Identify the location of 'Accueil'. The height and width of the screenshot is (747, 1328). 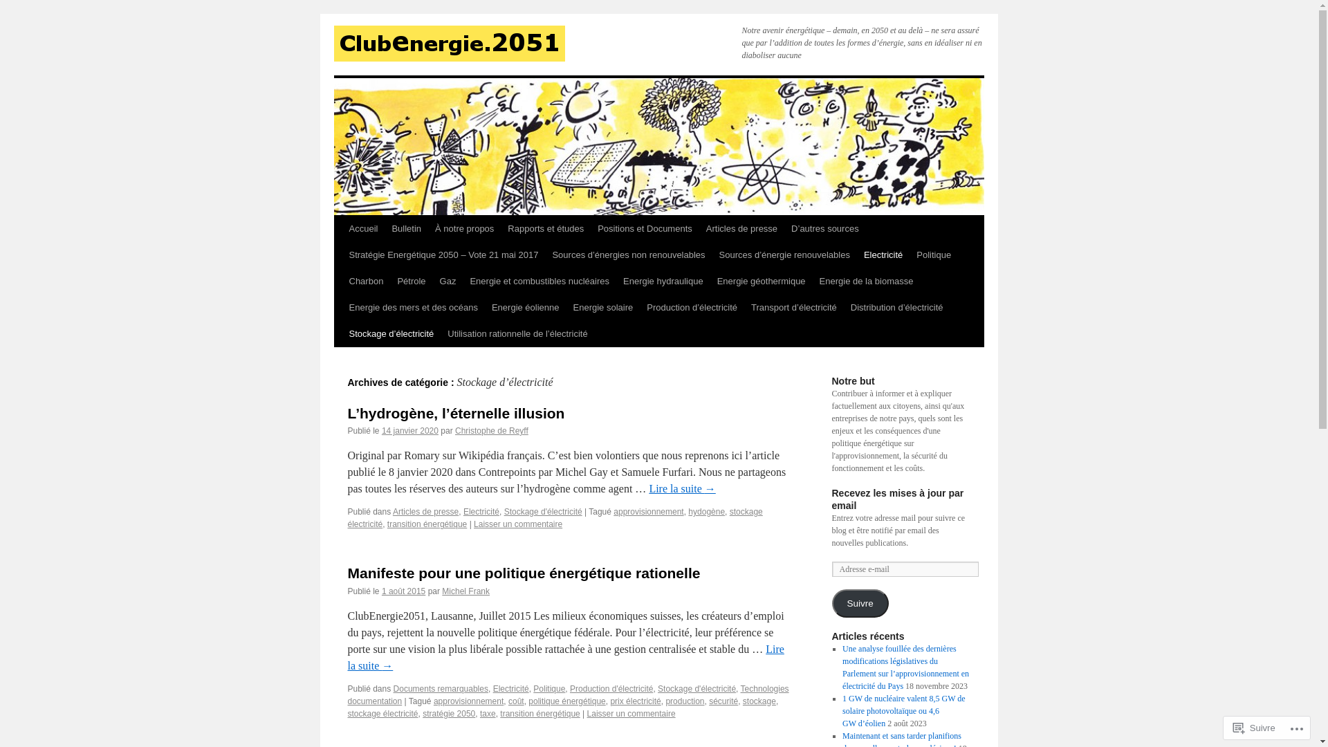
(362, 228).